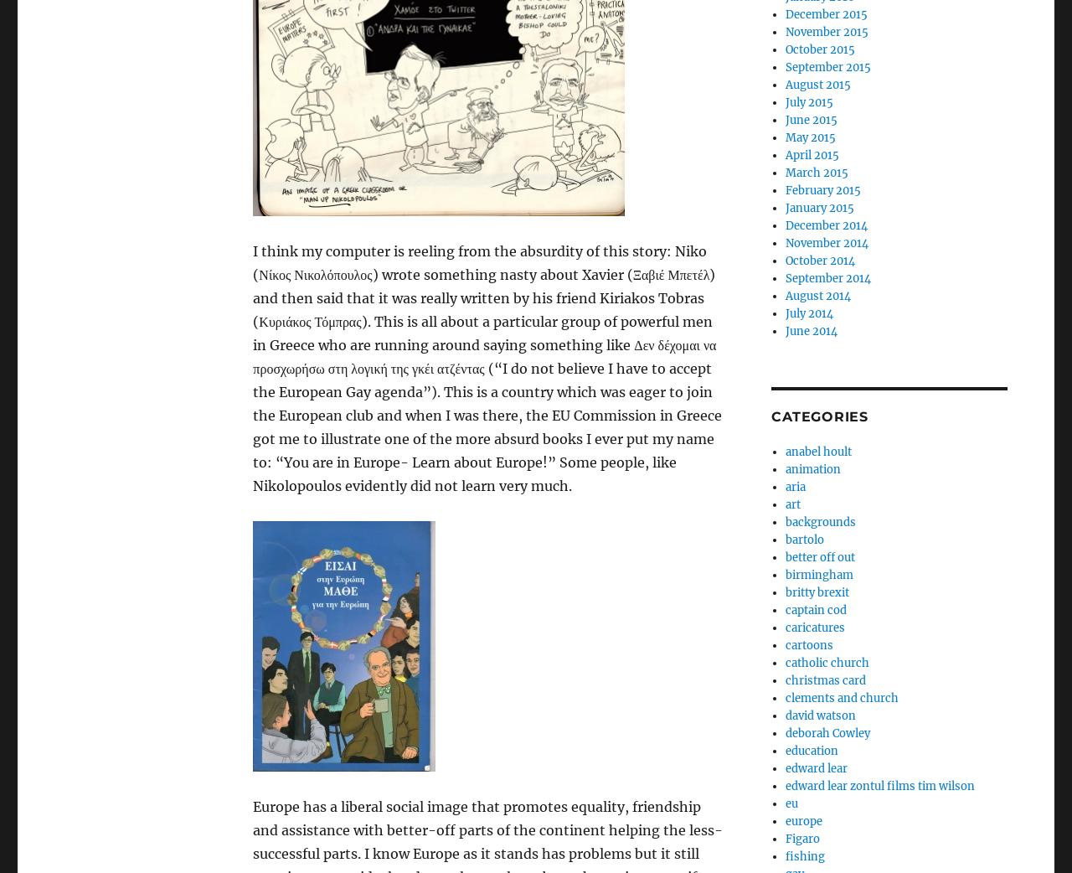  What do you see at coordinates (819, 49) in the screenshot?
I see `'October 2015'` at bounding box center [819, 49].